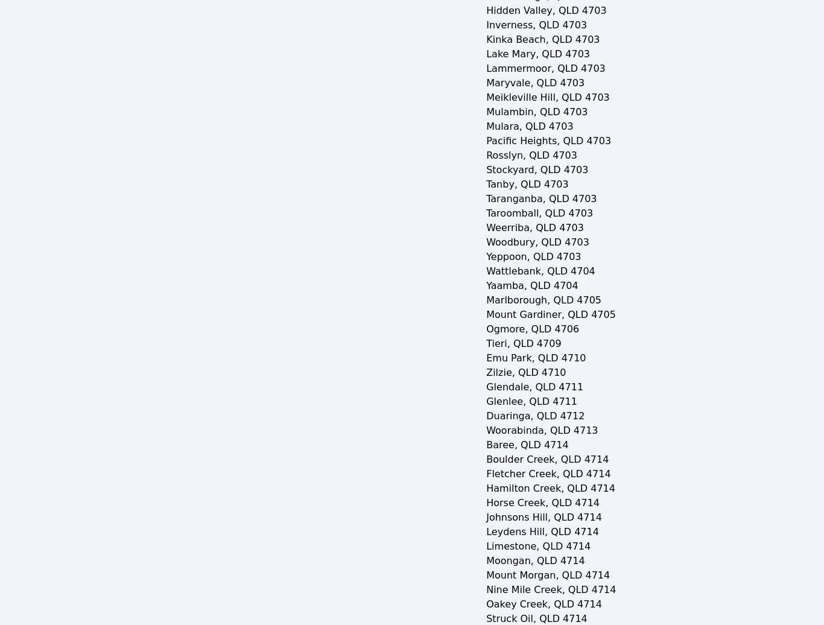  What do you see at coordinates (534, 560) in the screenshot?
I see `'Moongan, QLD 4714'` at bounding box center [534, 560].